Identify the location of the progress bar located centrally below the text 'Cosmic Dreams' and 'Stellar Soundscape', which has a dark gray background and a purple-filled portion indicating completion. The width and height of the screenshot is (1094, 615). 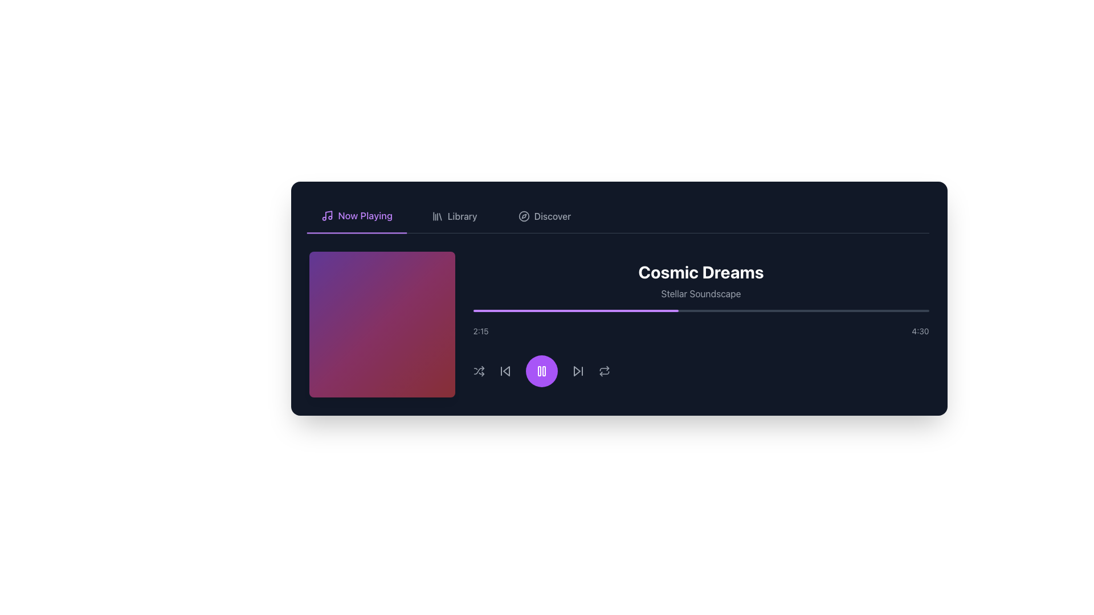
(700, 311).